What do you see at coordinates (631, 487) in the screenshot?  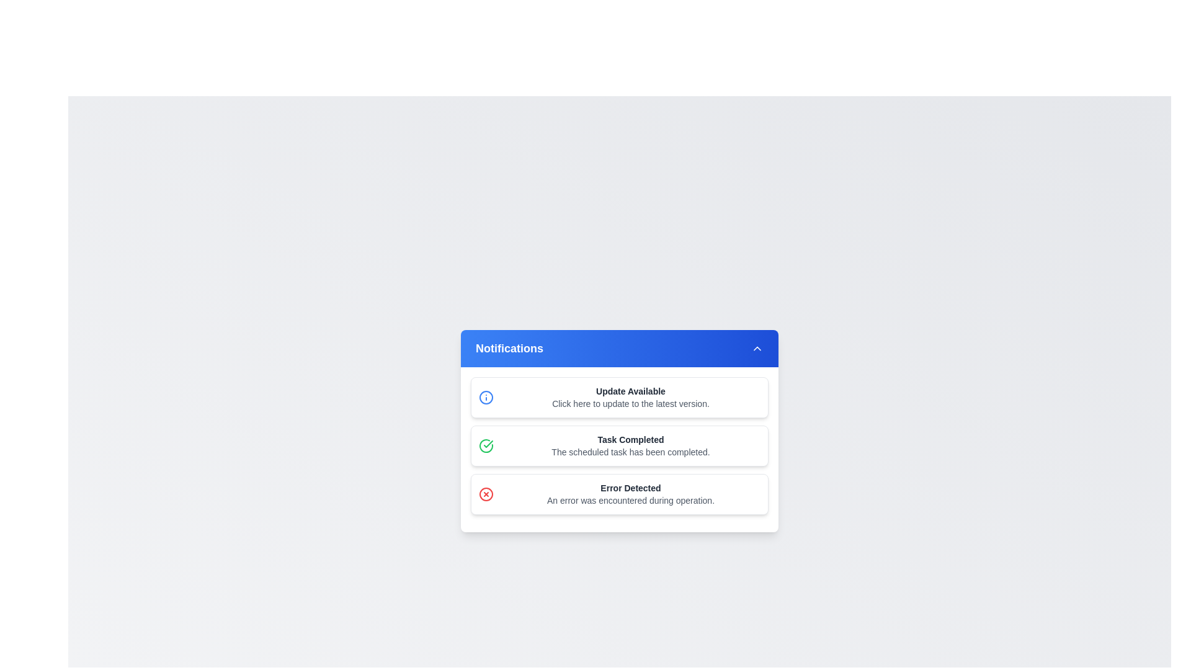 I see `the 'Error Detected' text label, which is styled in bold dark gray and is located in the bottommost notification card of the notification panel` at bounding box center [631, 487].